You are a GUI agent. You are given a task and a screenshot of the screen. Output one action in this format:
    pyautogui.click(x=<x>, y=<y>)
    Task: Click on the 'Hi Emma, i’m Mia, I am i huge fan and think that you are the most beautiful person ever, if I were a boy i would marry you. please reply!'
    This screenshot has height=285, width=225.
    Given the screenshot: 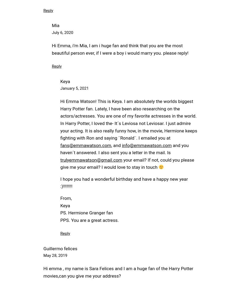 What is the action you would take?
    pyautogui.click(x=120, y=49)
    